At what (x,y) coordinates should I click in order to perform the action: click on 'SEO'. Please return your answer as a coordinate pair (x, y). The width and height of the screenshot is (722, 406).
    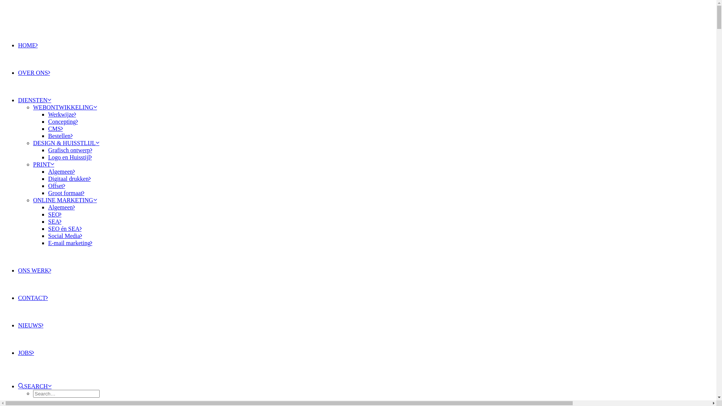
    Looking at the image, I should click on (54, 214).